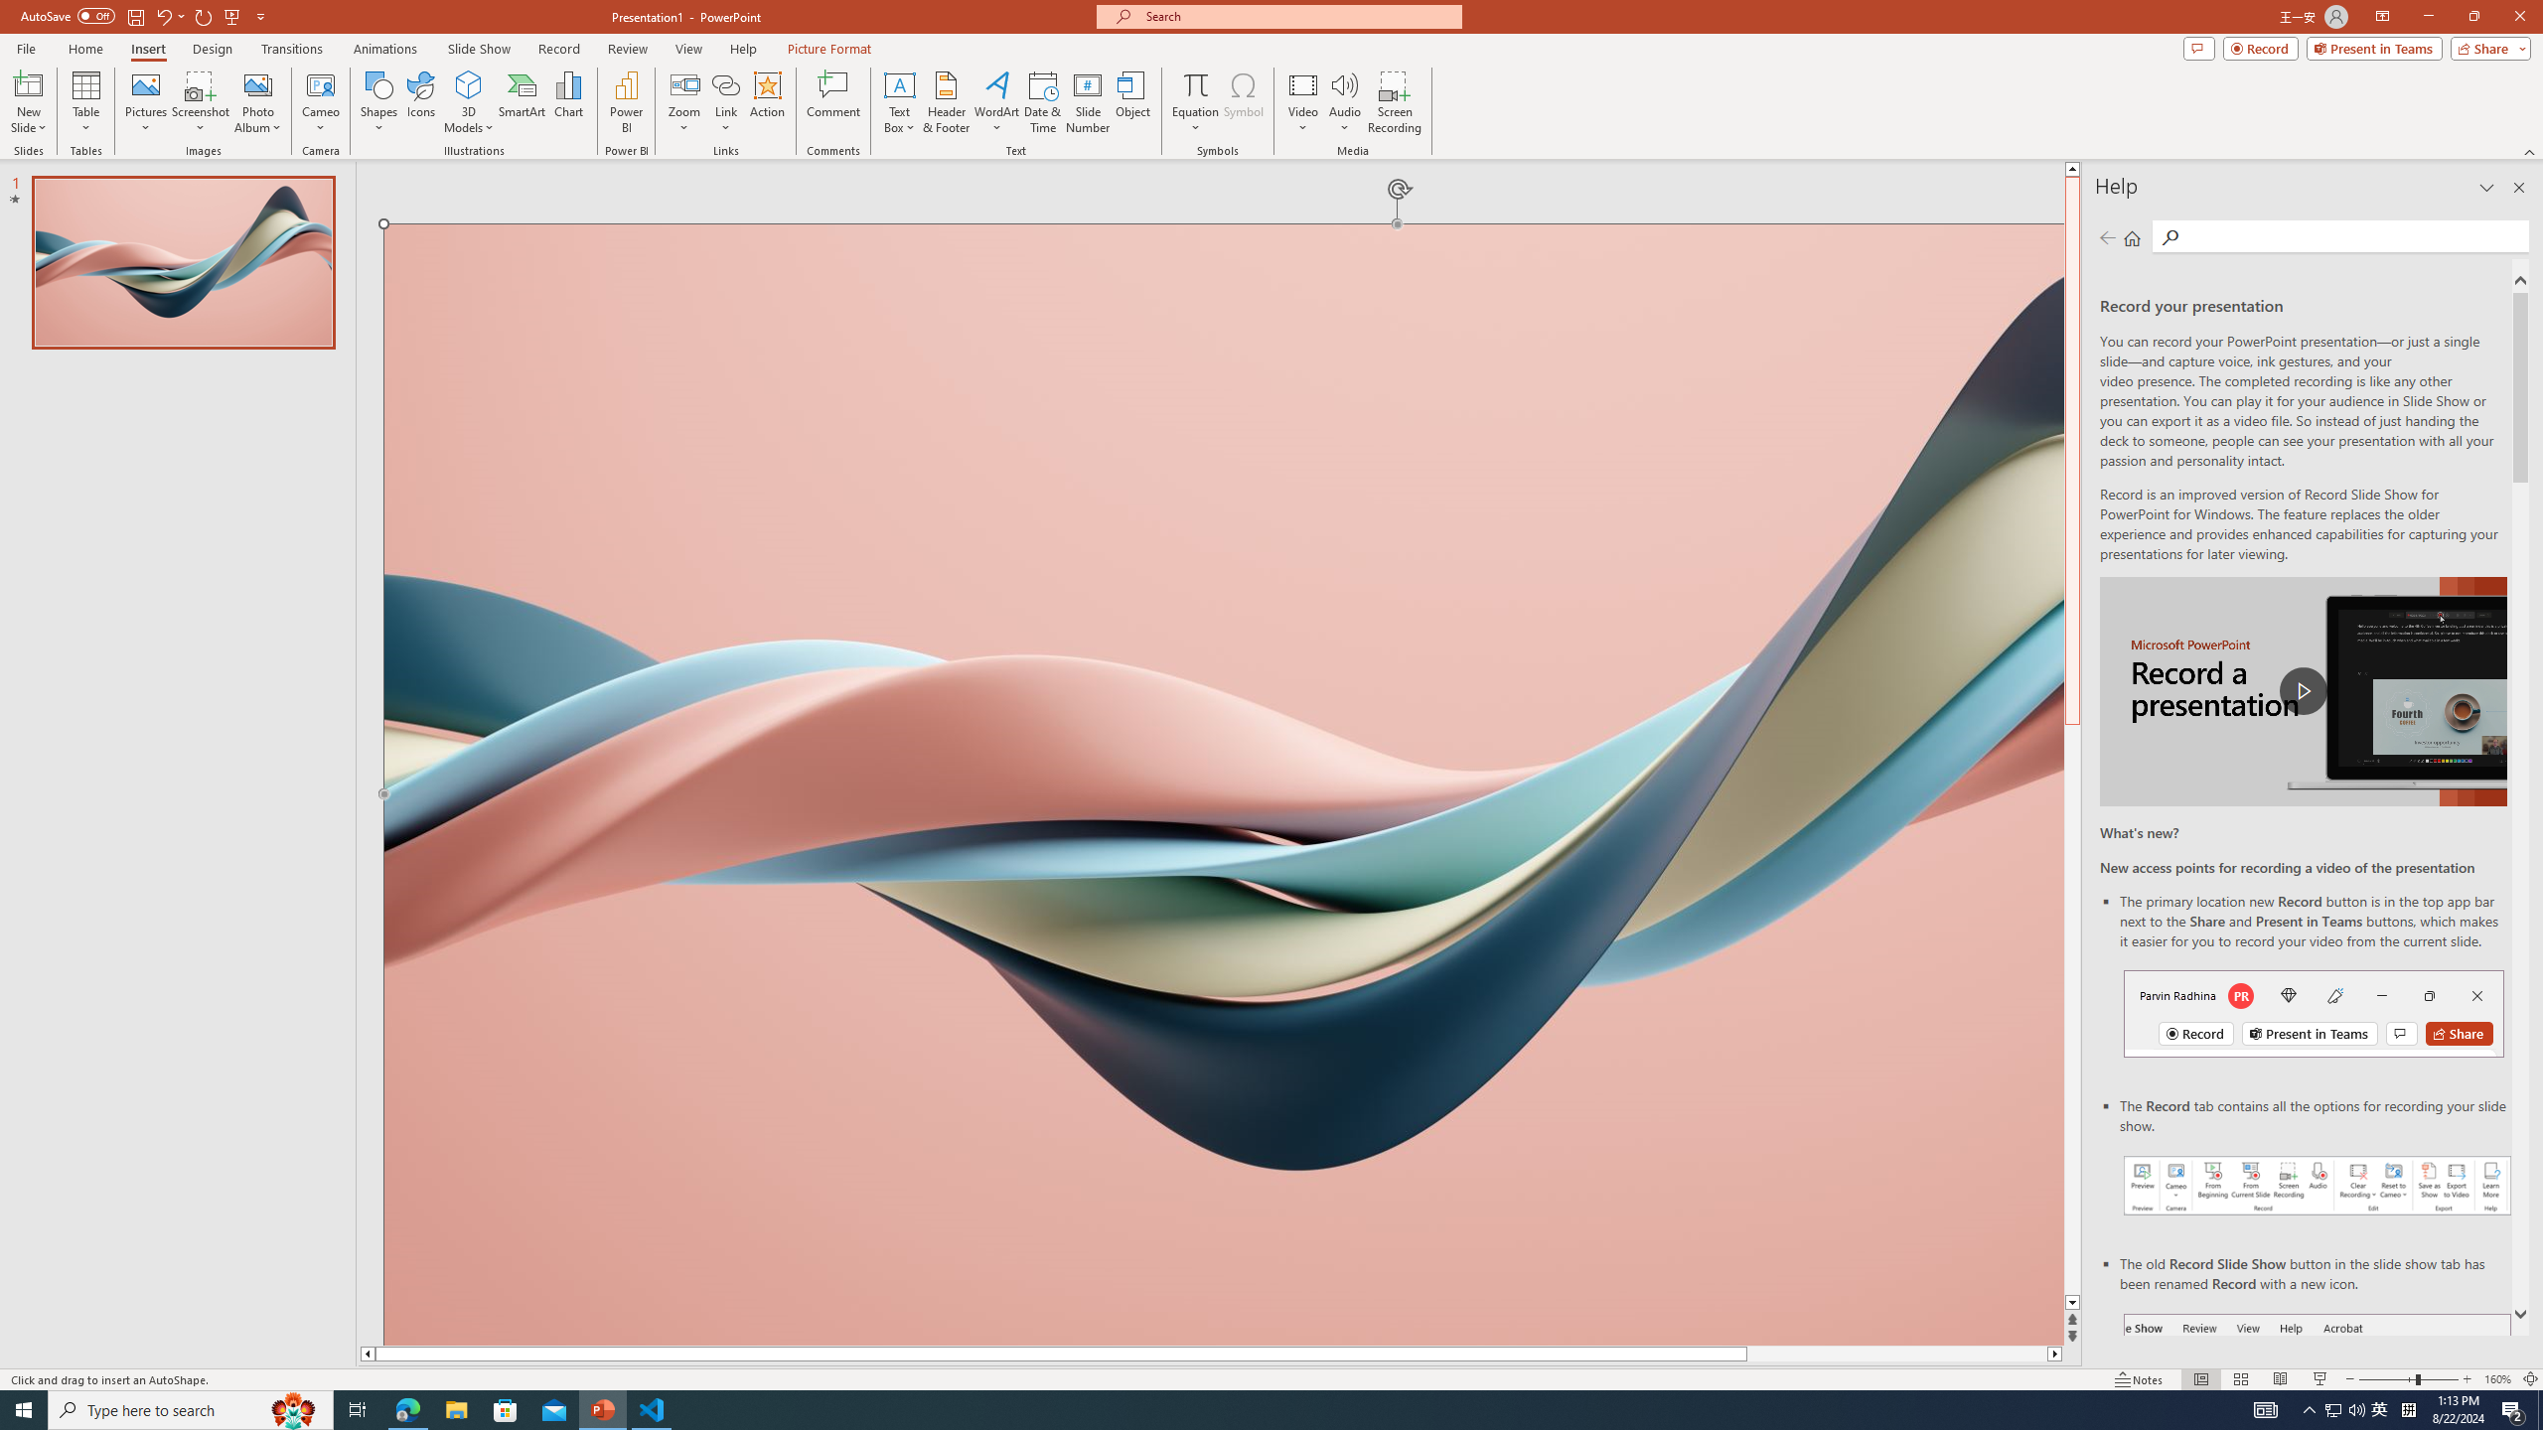  Describe the element at coordinates (85, 102) in the screenshot. I see `'Table'` at that location.